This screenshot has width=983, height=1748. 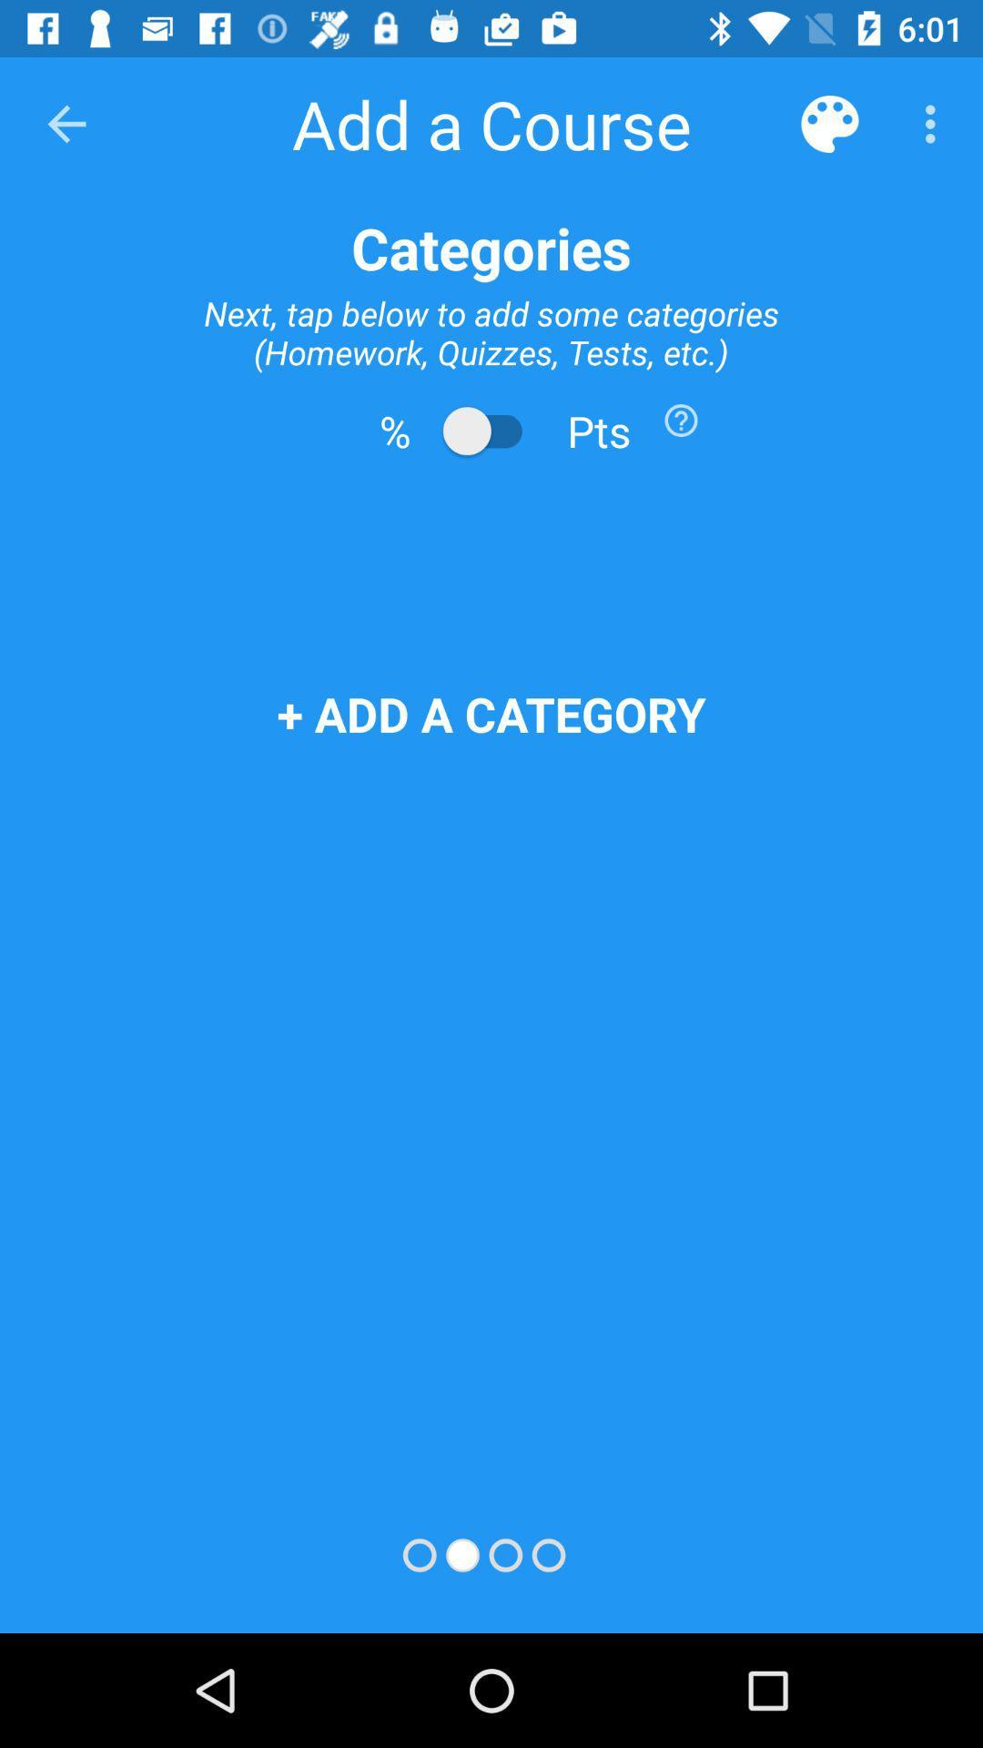 I want to click on more information, so click(x=681, y=419).